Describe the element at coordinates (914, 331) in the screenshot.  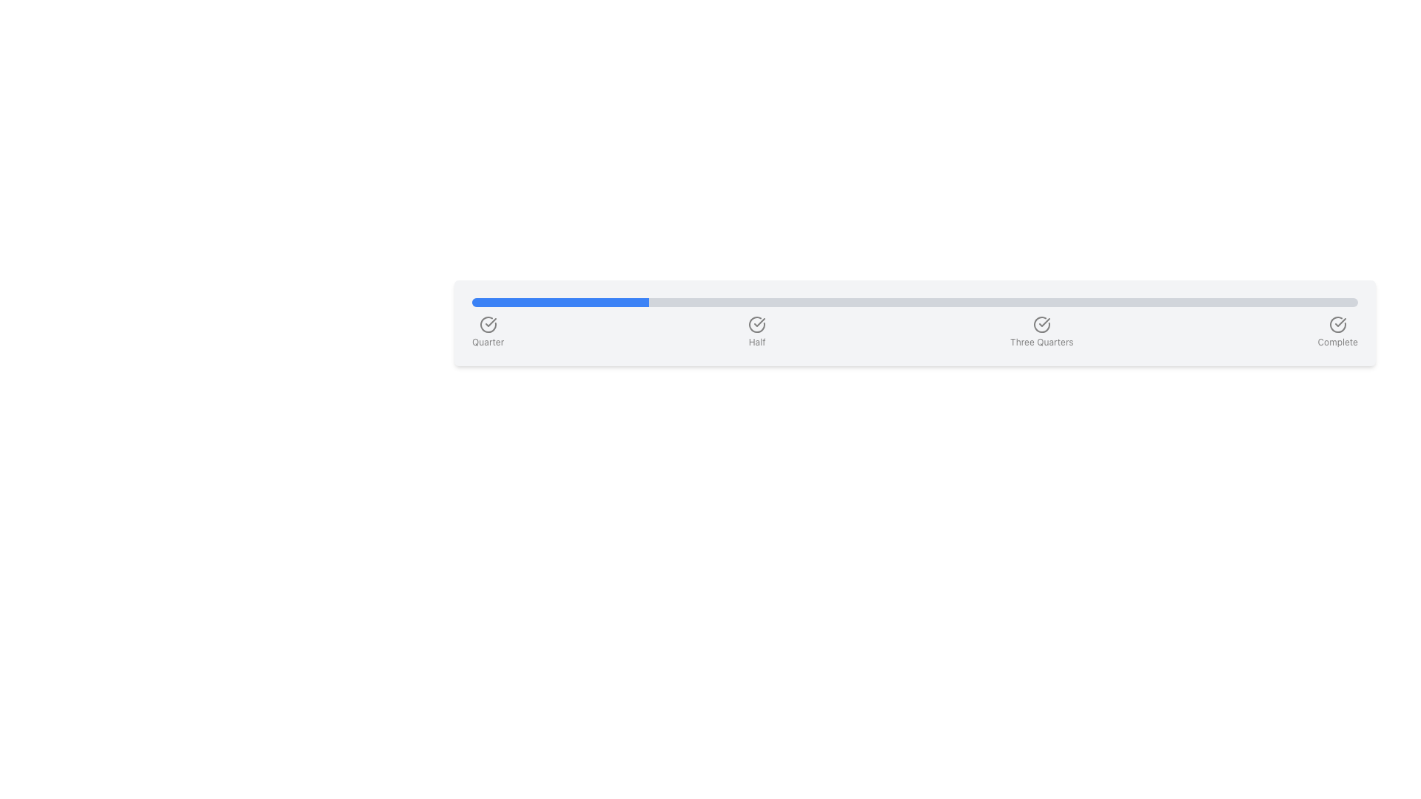
I see `the 'Quarter', 'Half', 'Three Quarters', and 'Complete' labels in the Grouped Labels with Icons` at that location.